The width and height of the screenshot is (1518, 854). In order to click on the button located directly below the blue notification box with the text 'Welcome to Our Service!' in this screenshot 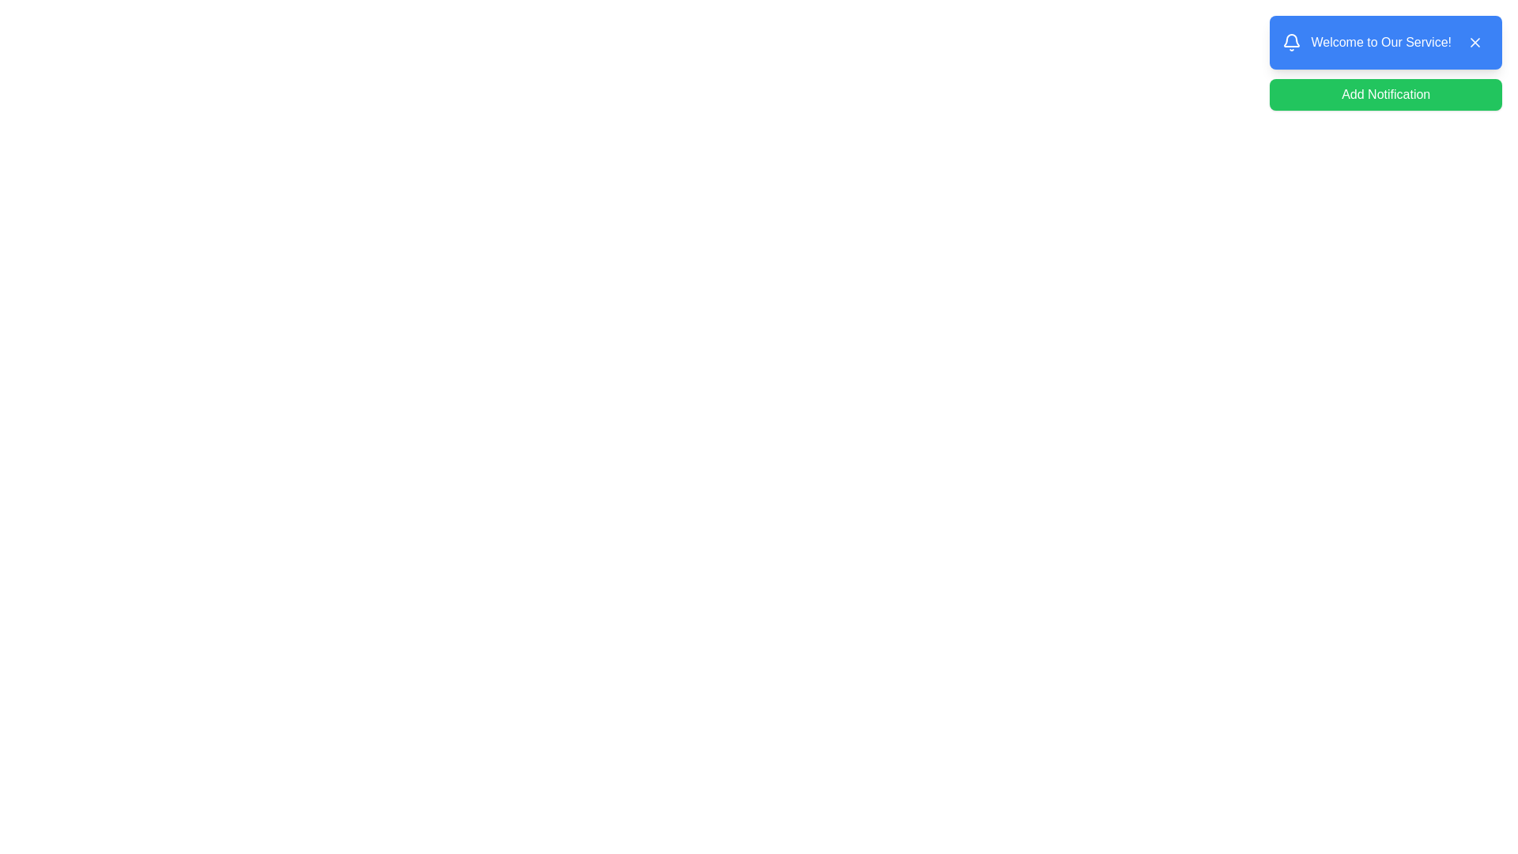, I will do `click(1384, 94)`.